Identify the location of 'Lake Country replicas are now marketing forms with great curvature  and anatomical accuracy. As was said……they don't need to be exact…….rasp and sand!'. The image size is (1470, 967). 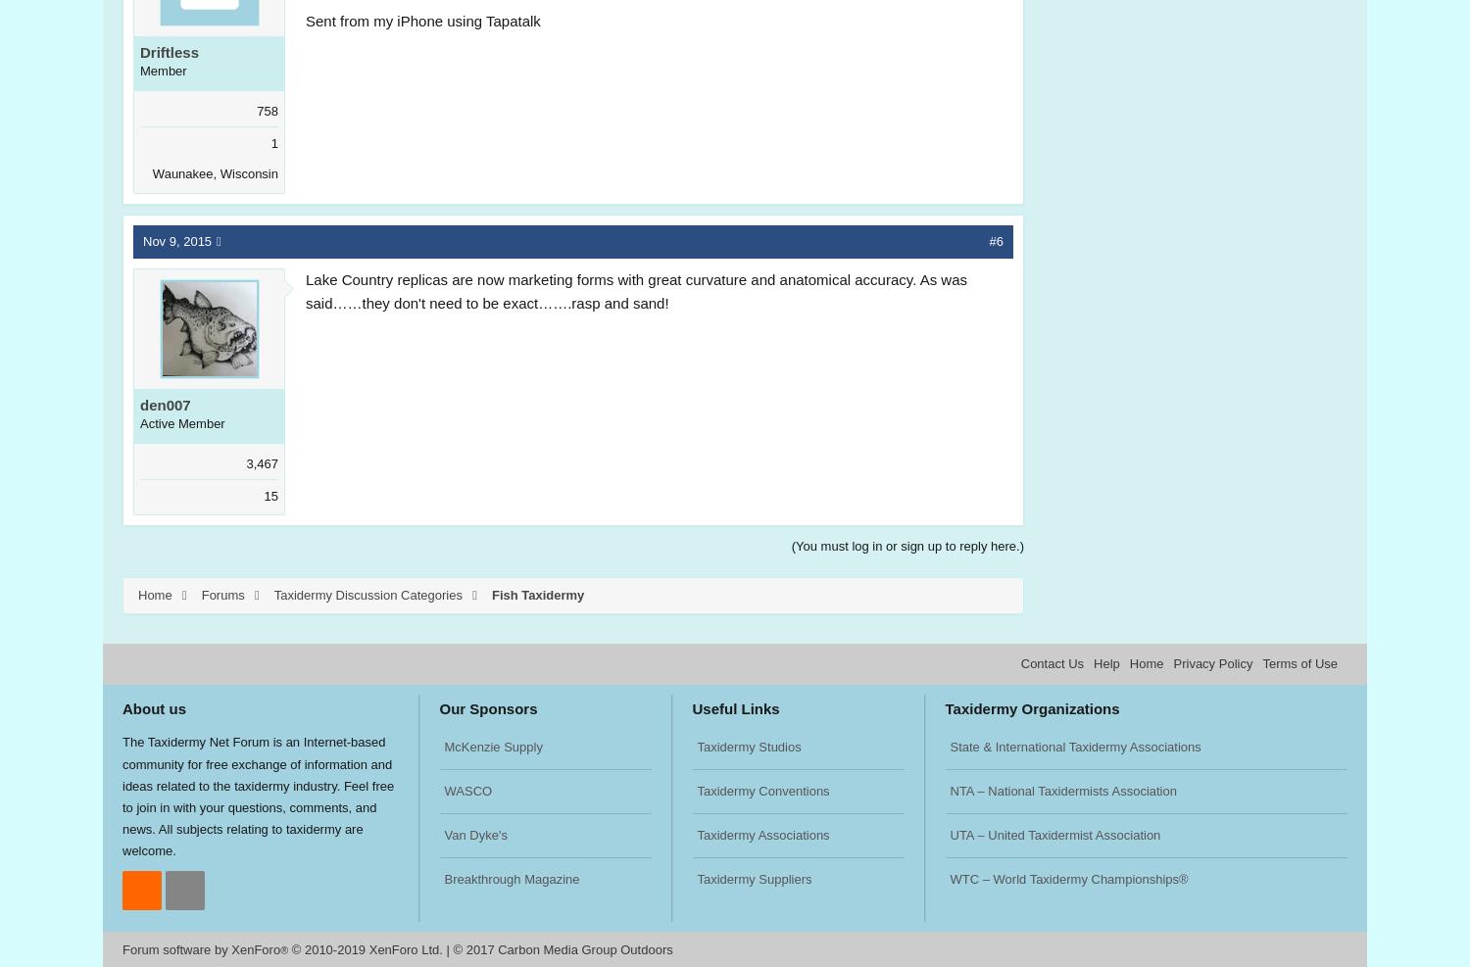
(636, 290).